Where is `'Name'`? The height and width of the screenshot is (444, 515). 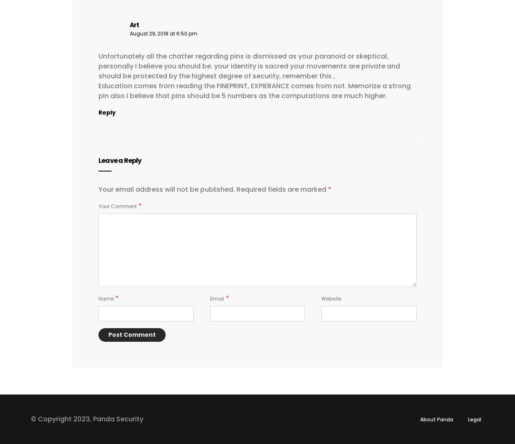
'Name' is located at coordinates (106, 298).